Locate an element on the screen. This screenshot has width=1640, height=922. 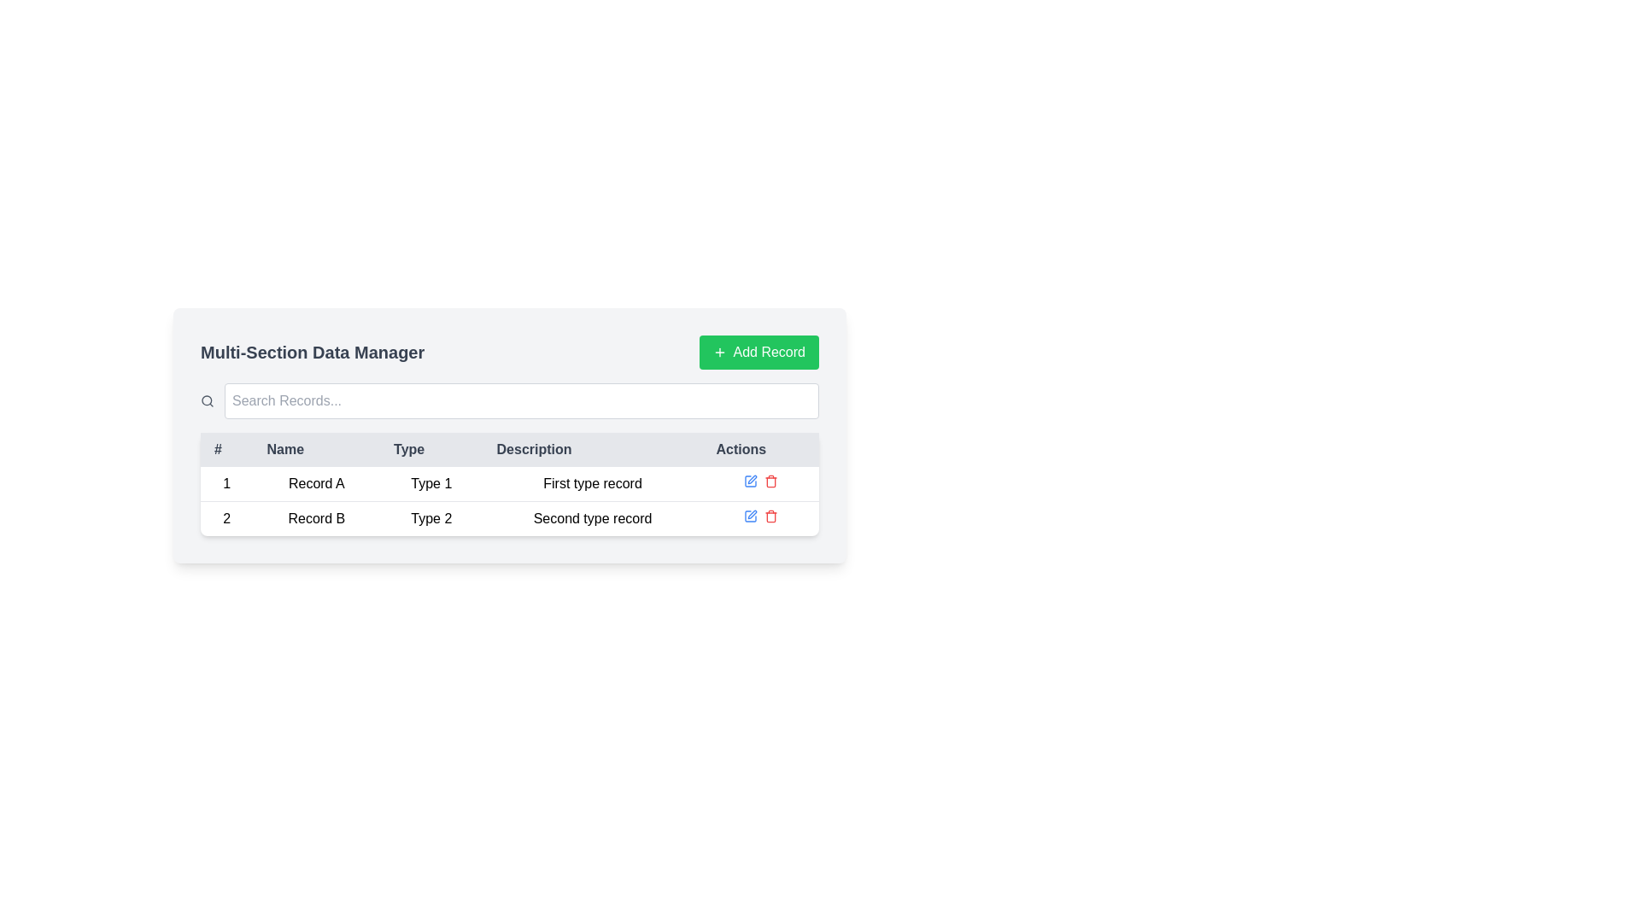
the Text label displaying the number '1', styled in black font, located in the leftmost column of the table under the '#' header is located at coordinates (225, 484).